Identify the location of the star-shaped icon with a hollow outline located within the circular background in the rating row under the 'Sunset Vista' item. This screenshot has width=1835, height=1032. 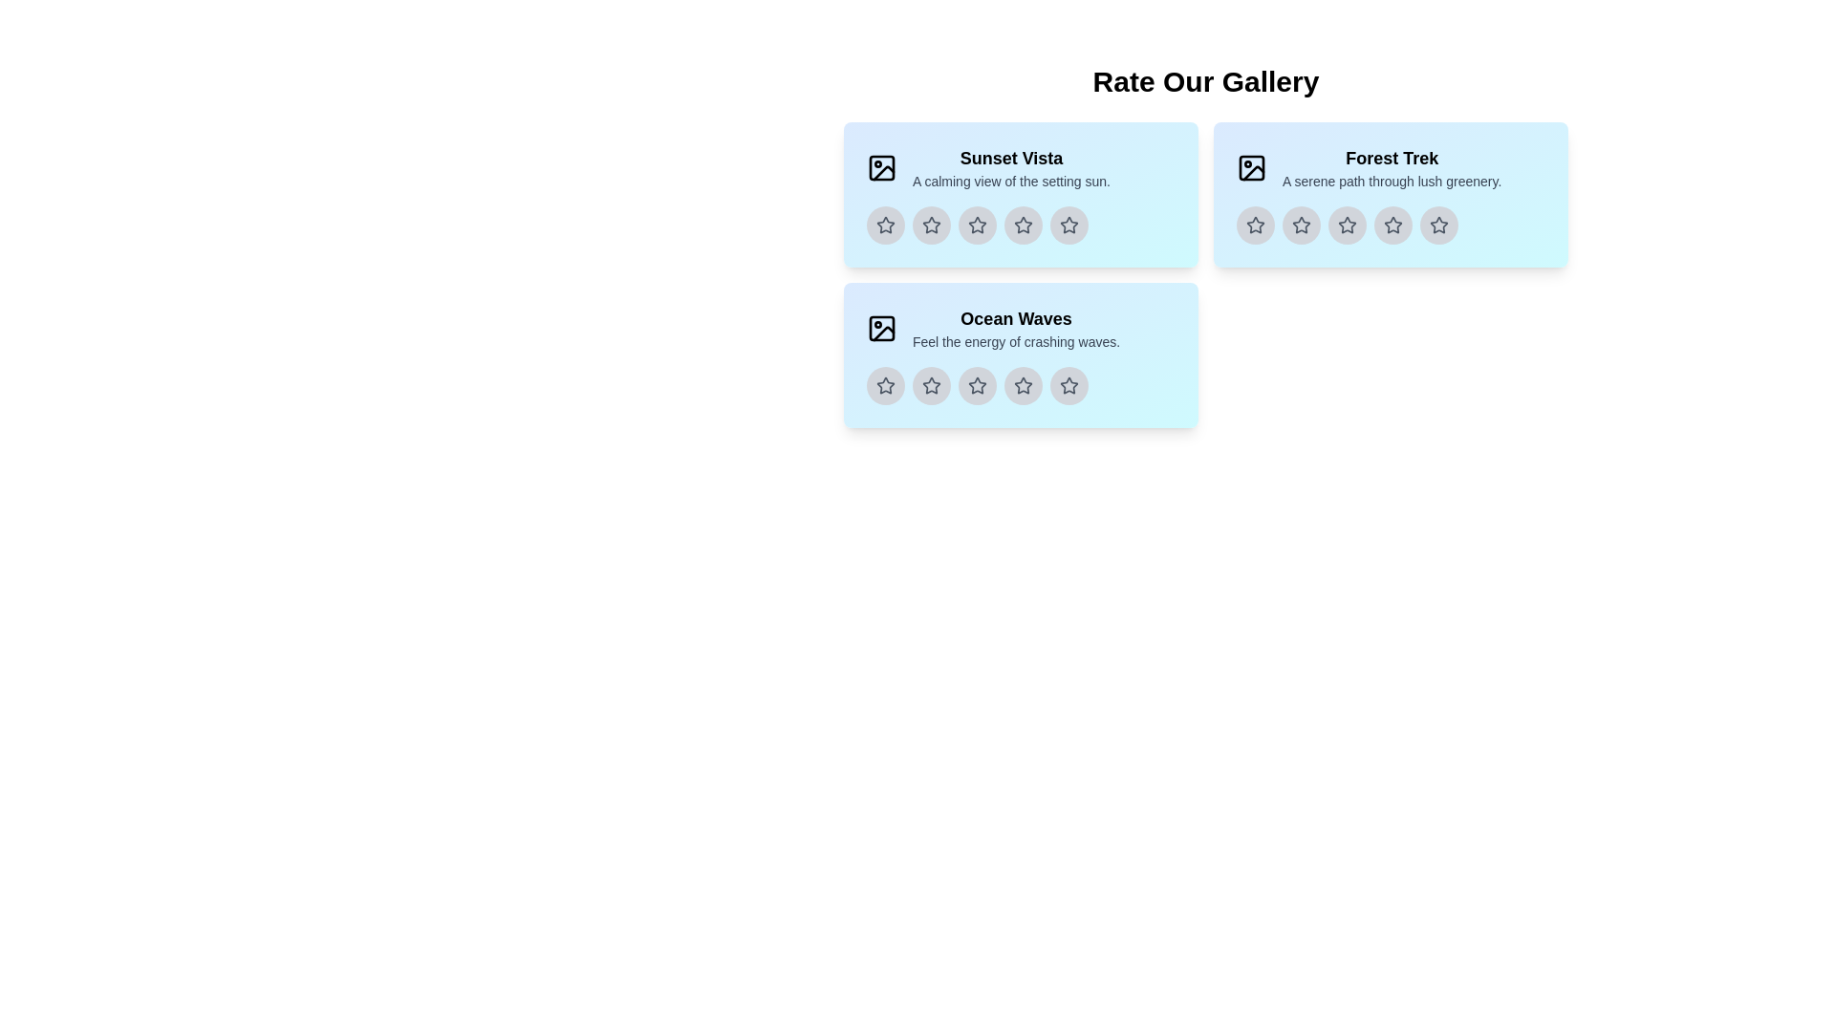
(977, 224).